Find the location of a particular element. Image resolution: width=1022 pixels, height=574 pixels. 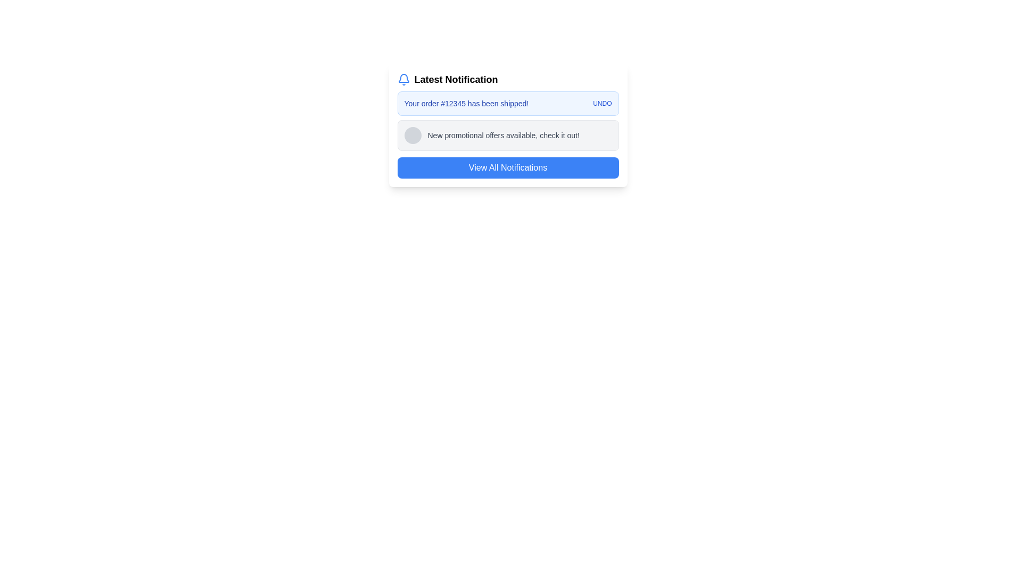

the notification bell icon outlined with a blue stroke and filled with white, located to the left of the 'Latest Notification' title is located at coordinates (403, 79).